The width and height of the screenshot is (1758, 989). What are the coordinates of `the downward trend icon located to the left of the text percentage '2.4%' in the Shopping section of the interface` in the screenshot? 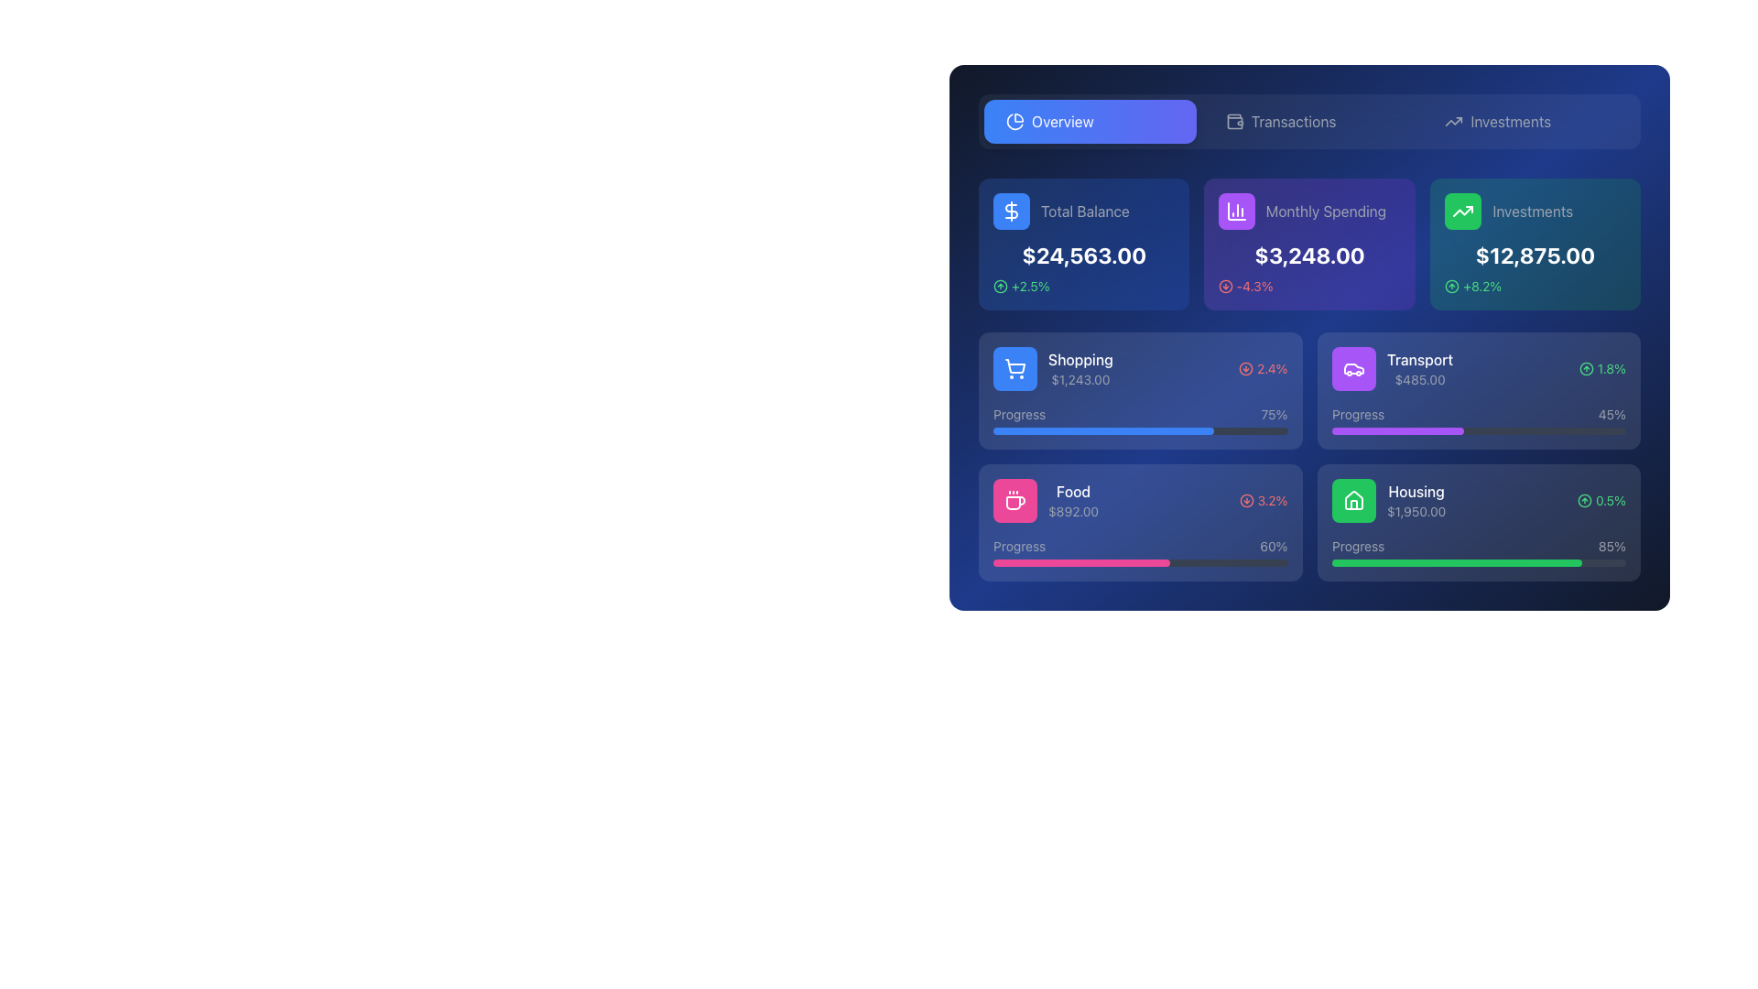 It's located at (1245, 368).